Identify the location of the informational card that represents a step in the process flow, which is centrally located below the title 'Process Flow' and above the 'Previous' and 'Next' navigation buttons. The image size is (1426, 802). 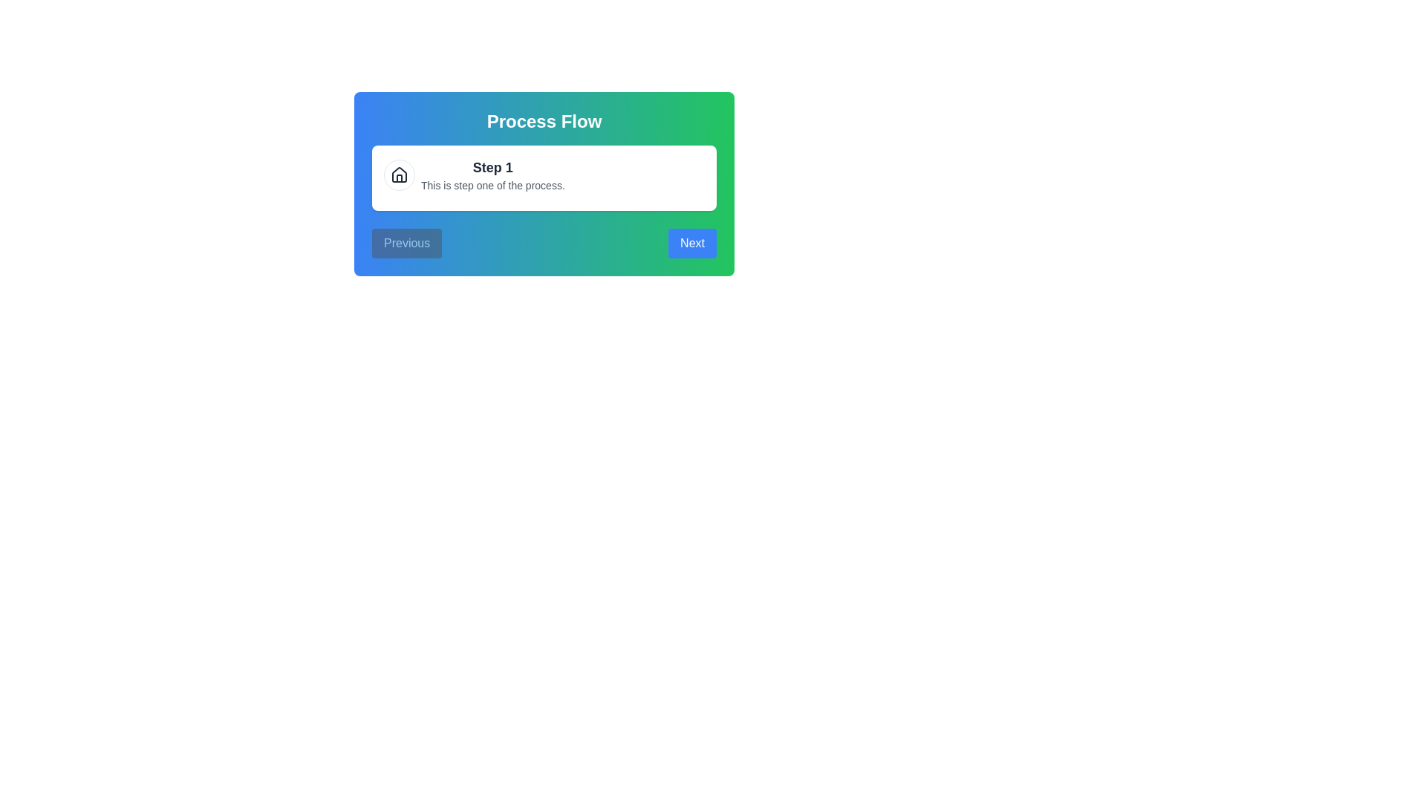
(544, 177).